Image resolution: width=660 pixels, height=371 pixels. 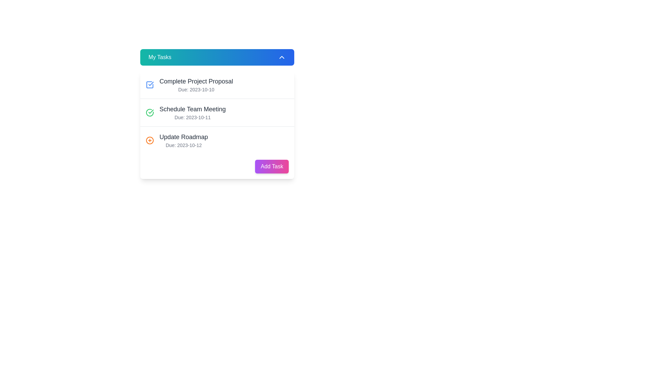 What do you see at coordinates (196, 81) in the screenshot?
I see `text label displaying 'Complete Project Proposal', which is styled in bold and larger font as the first task entry's title above the due date` at bounding box center [196, 81].